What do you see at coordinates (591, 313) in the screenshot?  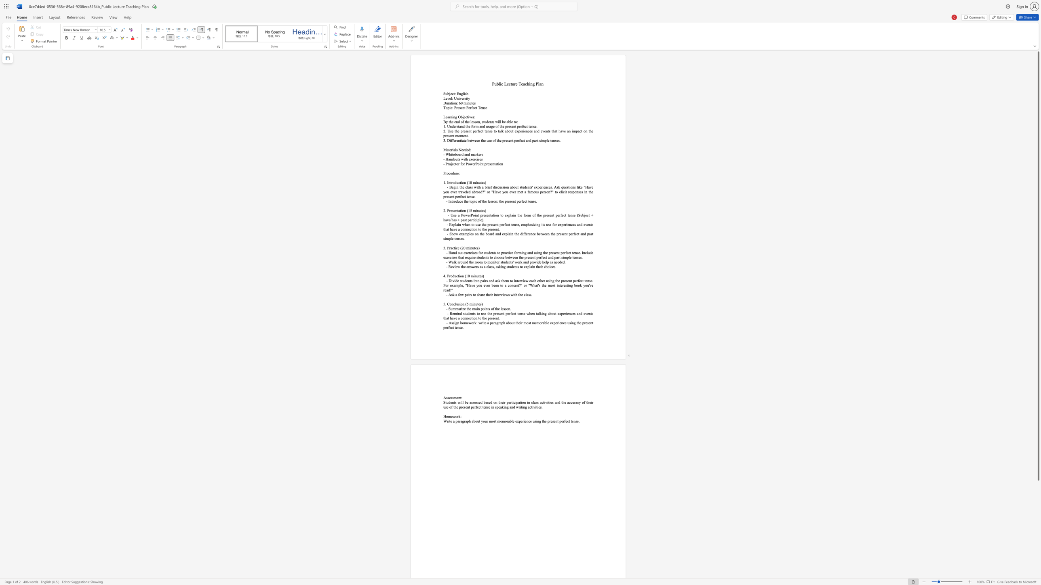 I see `the 10th character "t" in the text` at bounding box center [591, 313].